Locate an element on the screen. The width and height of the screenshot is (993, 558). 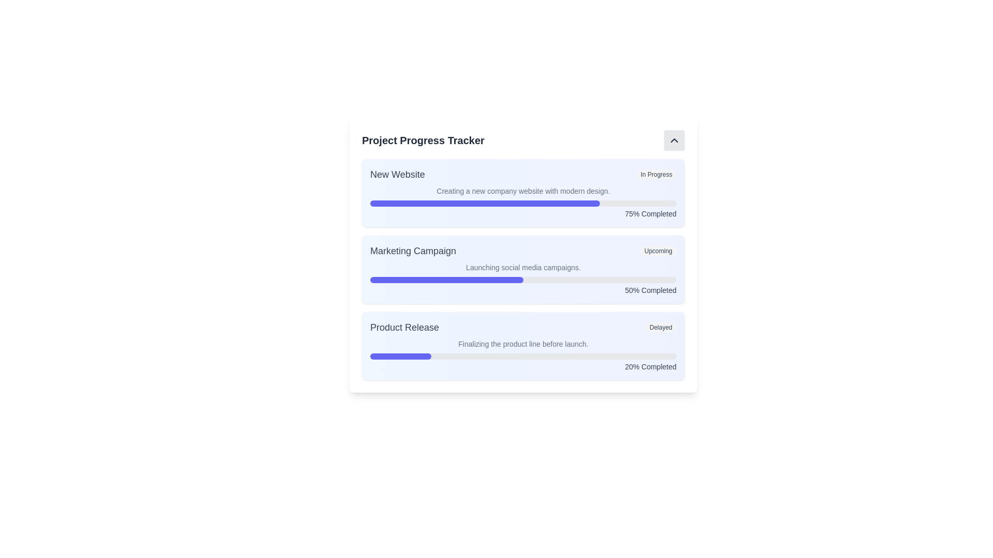
the plain text label providing additional information about the 'New Website' task within the project progress tracker interface is located at coordinates (523, 191).